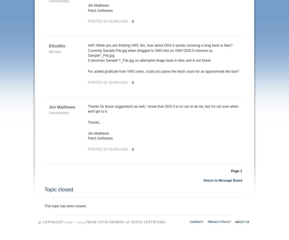 The image size is (289, 240). What do you see at coordinates (163, 71) in the screenshot?
I see `'For added gratitude from VMS users, could you parse the block count for an approximate file size?'` at bounding box center [163, 71].